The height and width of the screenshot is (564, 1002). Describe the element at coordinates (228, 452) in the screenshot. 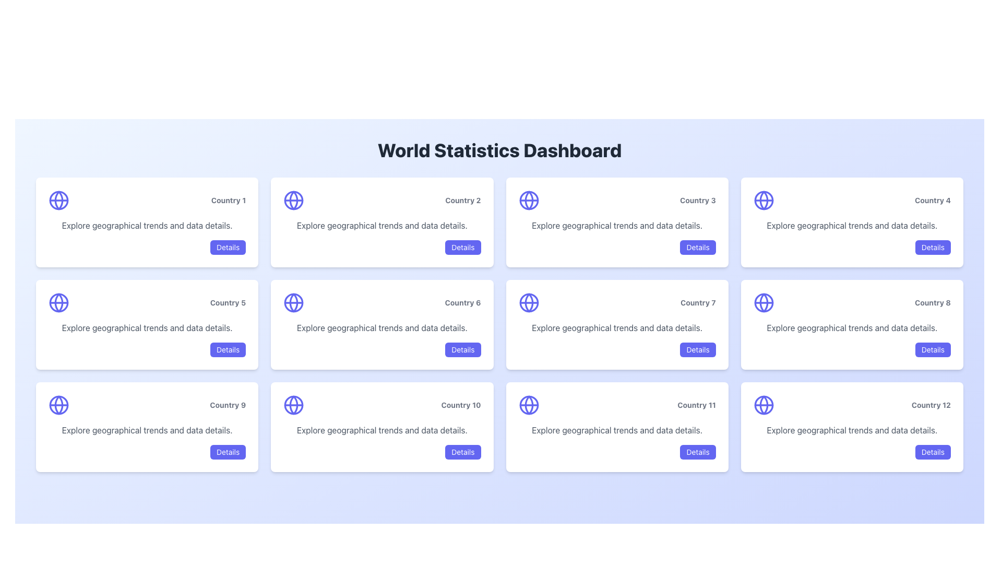

I see `the button located at the bottom-right corner of the card for 'Country 9'` at that location.